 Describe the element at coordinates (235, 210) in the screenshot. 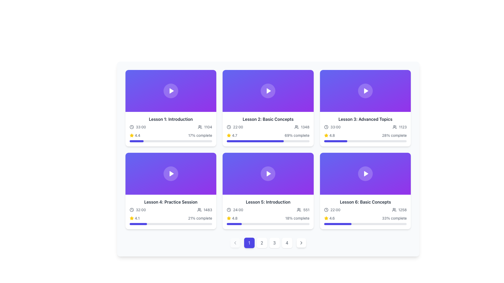

I see `the duration label for 'Lesson 5: Introduction'` at that location.